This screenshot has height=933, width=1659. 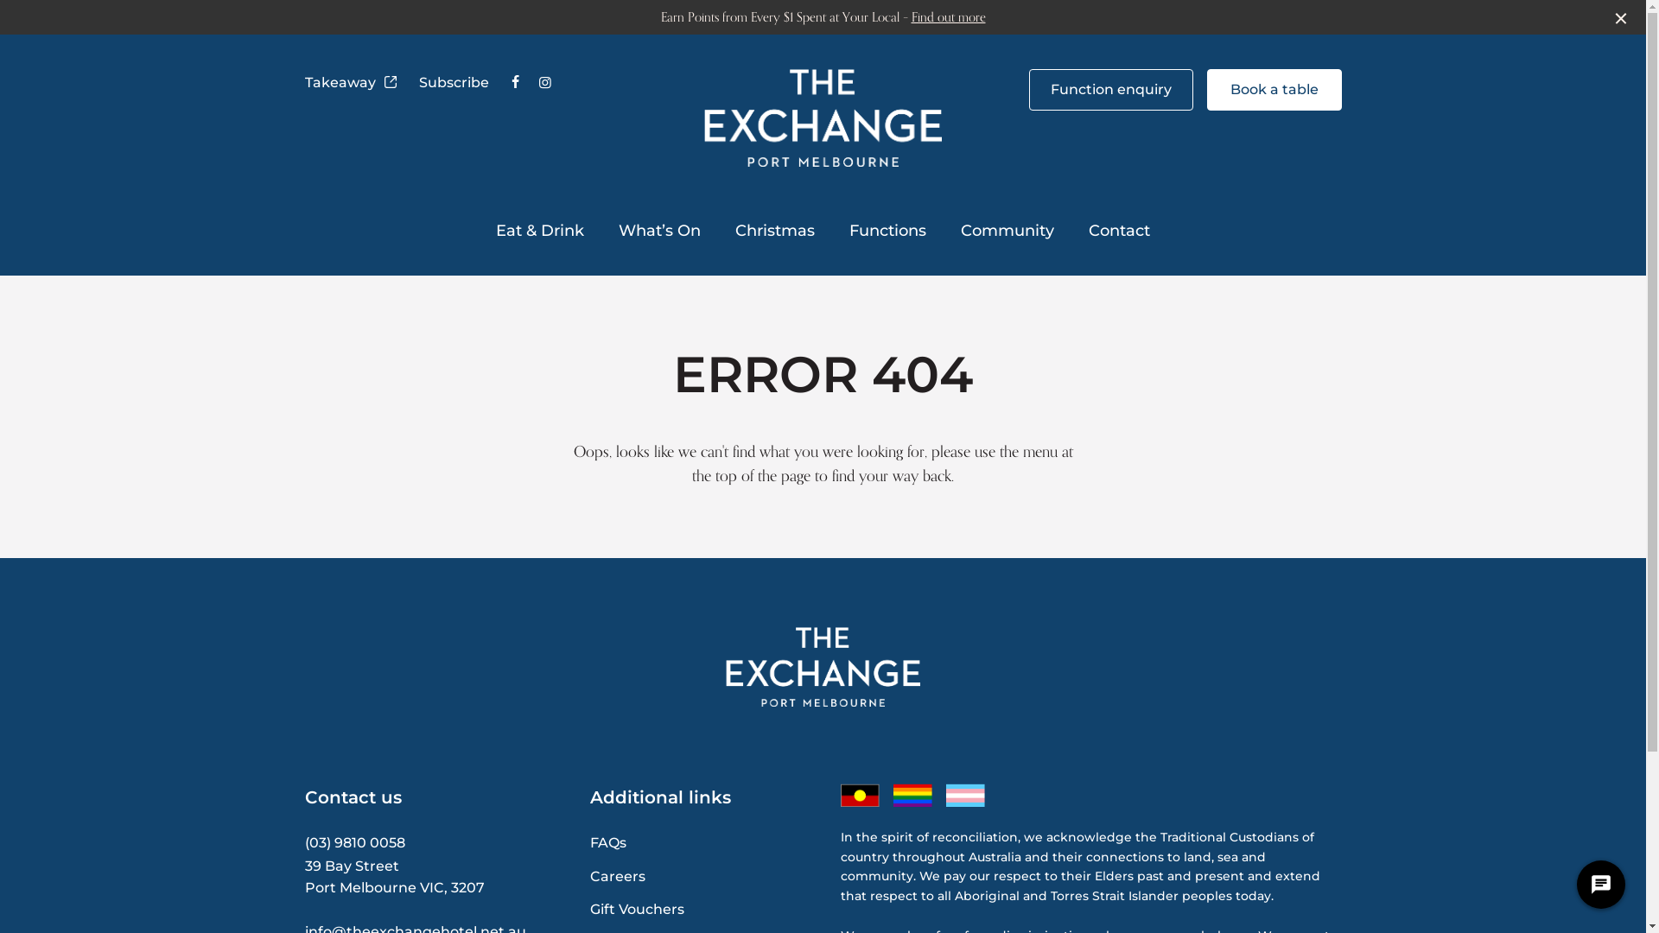 What do you see at coordinates (350, 83) in the screenshot?
I see `'Takeaway'` at bounding box center [350, 83].